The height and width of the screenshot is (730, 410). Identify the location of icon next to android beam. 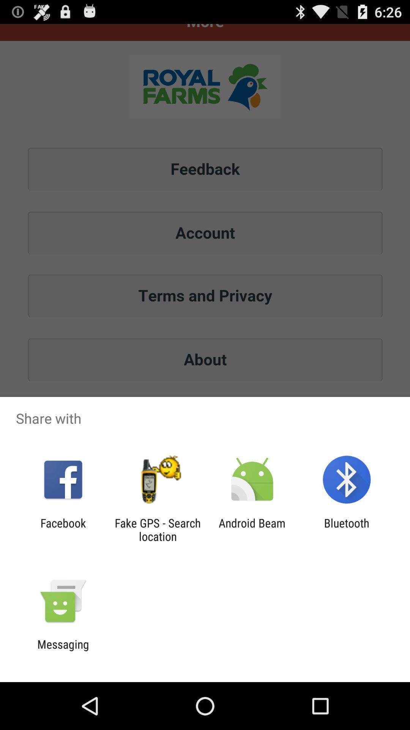
(347, 529).